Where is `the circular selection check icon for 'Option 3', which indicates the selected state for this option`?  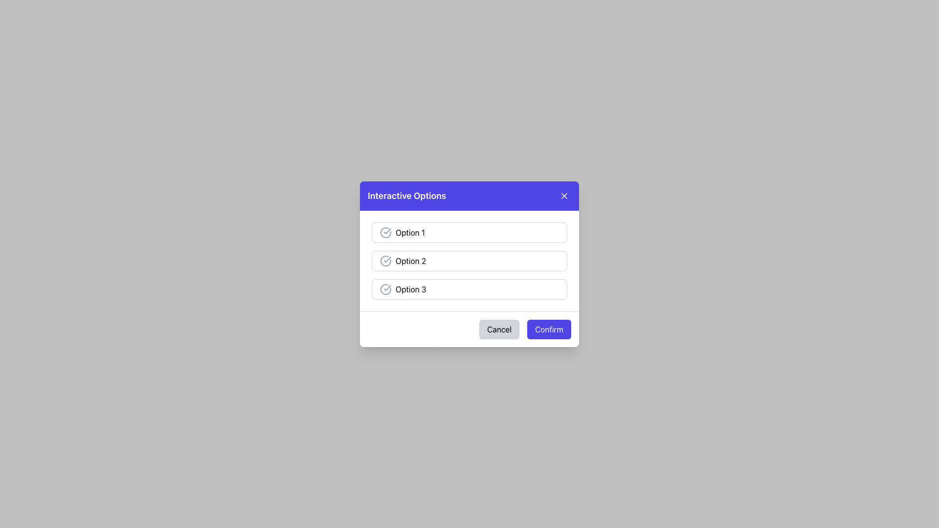 the circular selection check icon for 'Option 3', which indicates the selected state for this option is located at coordinates (385, 288).